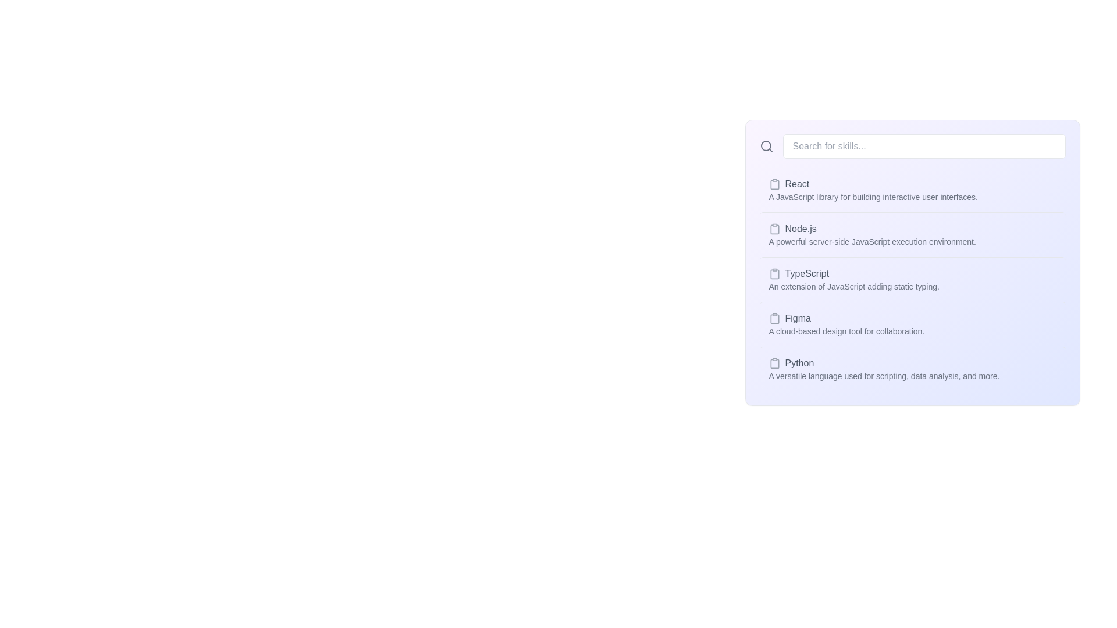  I want to click on text content of the 'React' label located in the first row next to the clipboard icon, so click(796, 183).